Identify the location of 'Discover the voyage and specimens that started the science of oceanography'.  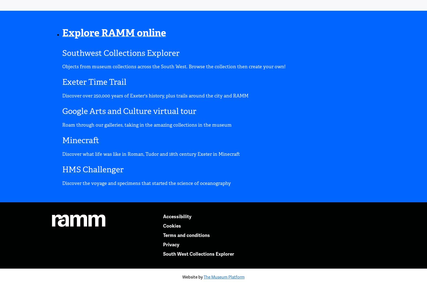
(146, 183).